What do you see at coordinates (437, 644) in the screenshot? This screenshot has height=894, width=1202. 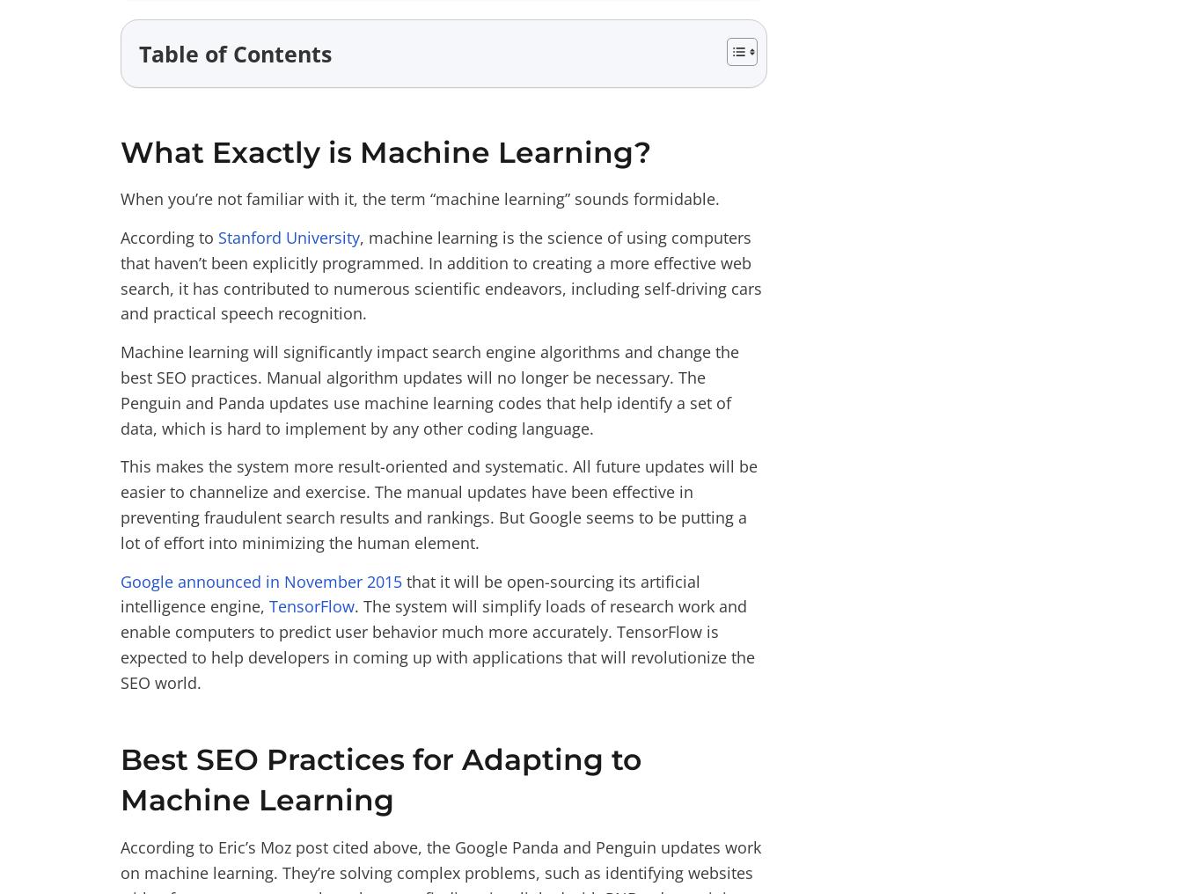 I see `'. The system will simplify loads of research work and enable computers to predict user behavior much more accurately. TensorFlow is expected to help developers in coming up with applications that will revolutionize the SEO world.'` at bounding box center [437, 644].